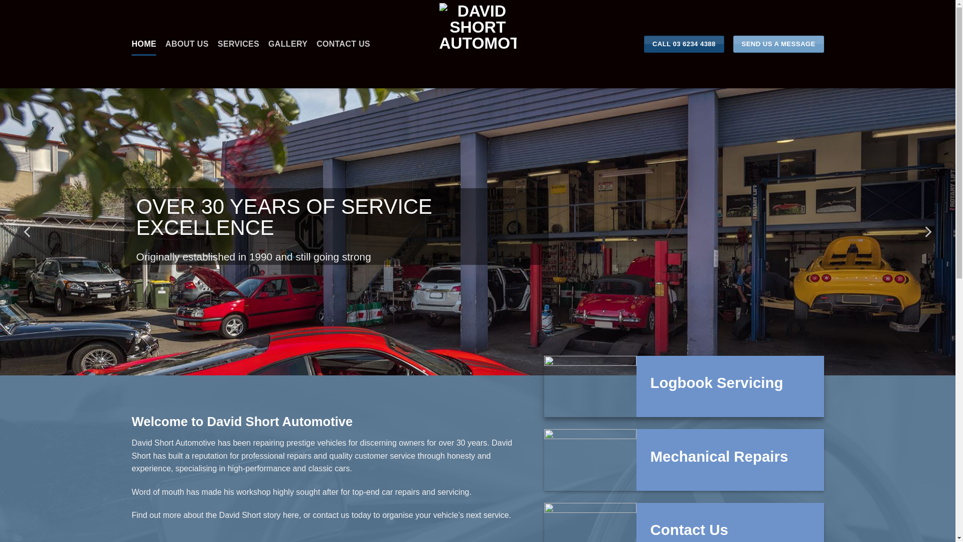 The height and width of the screenshot is (542, 963). Describe the element at coordinates (287, 44) in the screenshot. I see `'GALLERY'` at that location.